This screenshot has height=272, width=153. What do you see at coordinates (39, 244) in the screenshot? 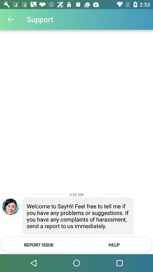
I see `report issue item` at bounding box center [39, 244].